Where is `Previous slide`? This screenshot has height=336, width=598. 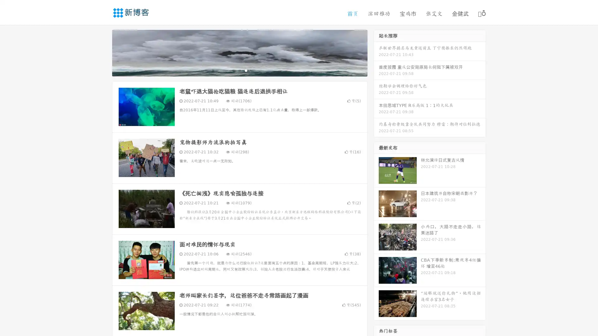
Previous slide is located at coordinates (103, 52).